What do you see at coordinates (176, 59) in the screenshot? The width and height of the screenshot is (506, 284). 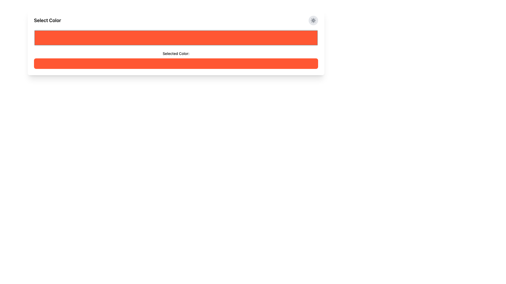 I see `label of the Composite component that displays 'Selected Color:' above the orange-toned color preview bar` at bounding box center [176, 59].